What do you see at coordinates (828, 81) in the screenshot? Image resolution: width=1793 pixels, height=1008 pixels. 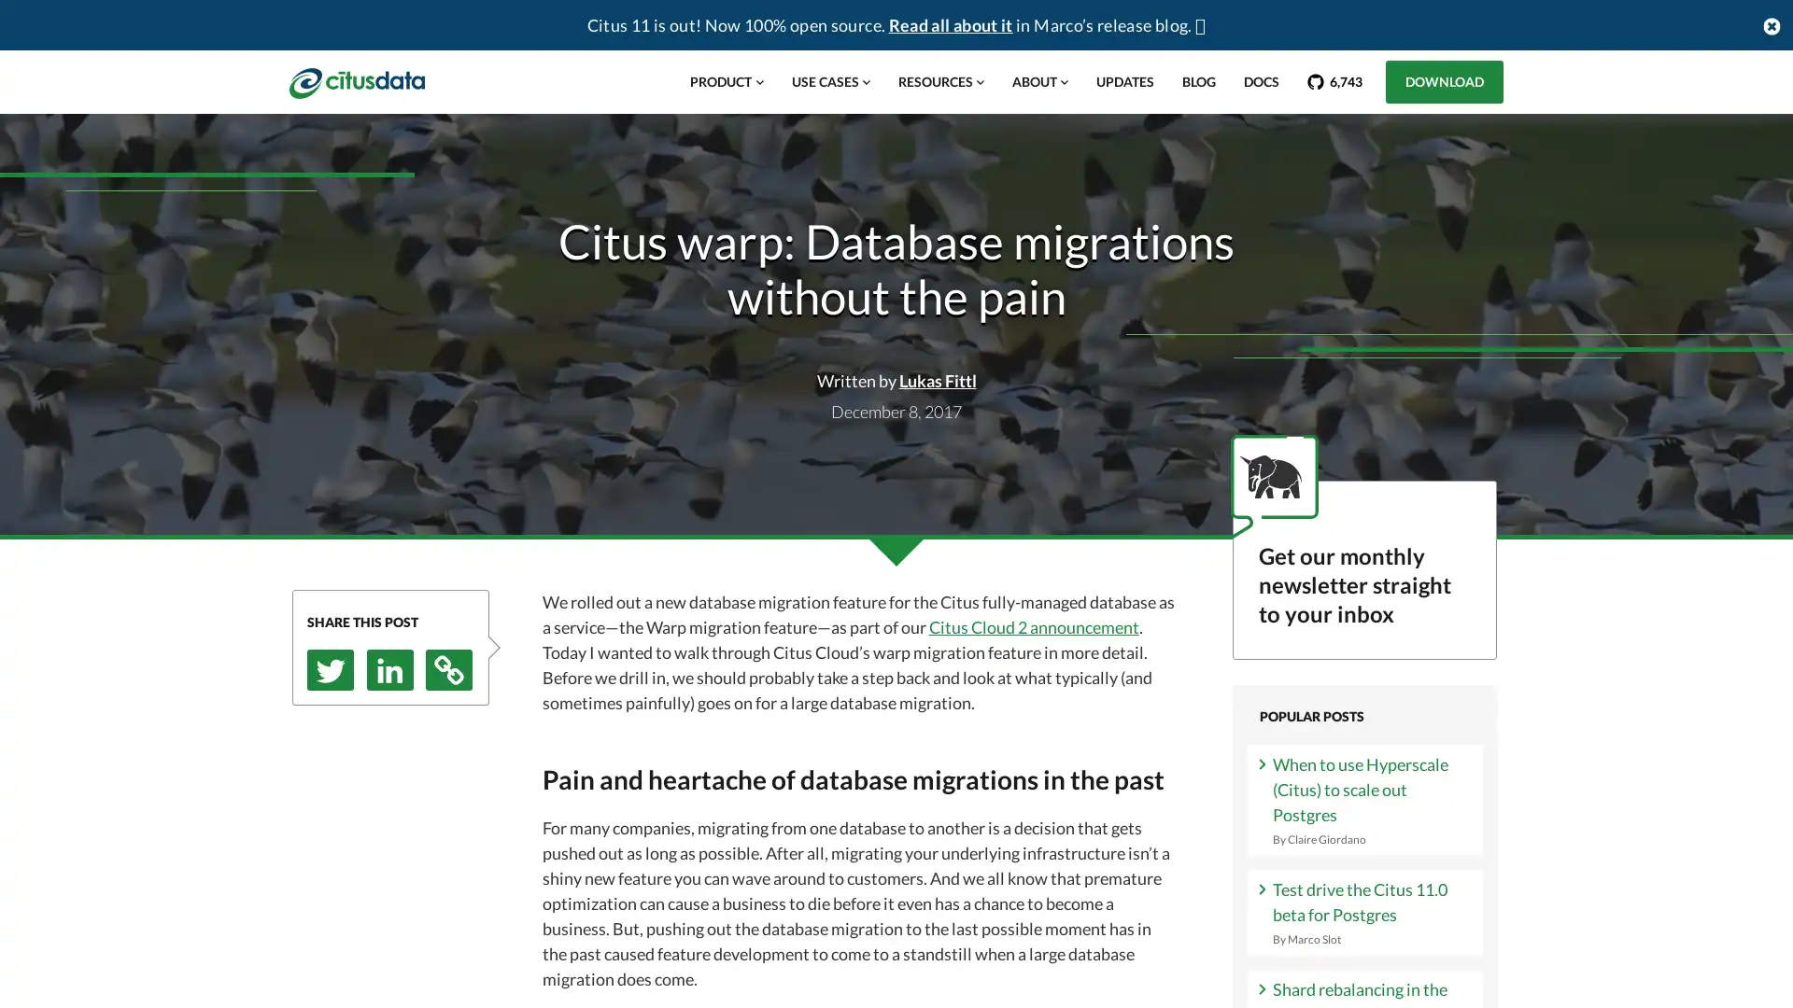 I see `USE CASES` at bounding box center [828, 81].